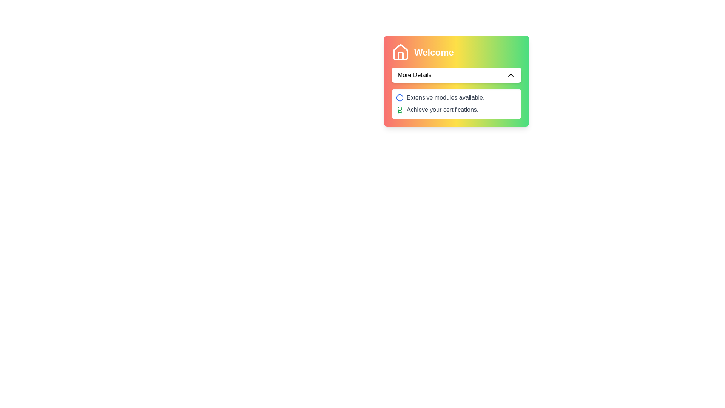  What do you see at coordinates (434, 52) in the screenshot?
I see `the welcoming header text in the top-left corner of the card interface, located to the right of the home icon` at bounding box center [434, 52].